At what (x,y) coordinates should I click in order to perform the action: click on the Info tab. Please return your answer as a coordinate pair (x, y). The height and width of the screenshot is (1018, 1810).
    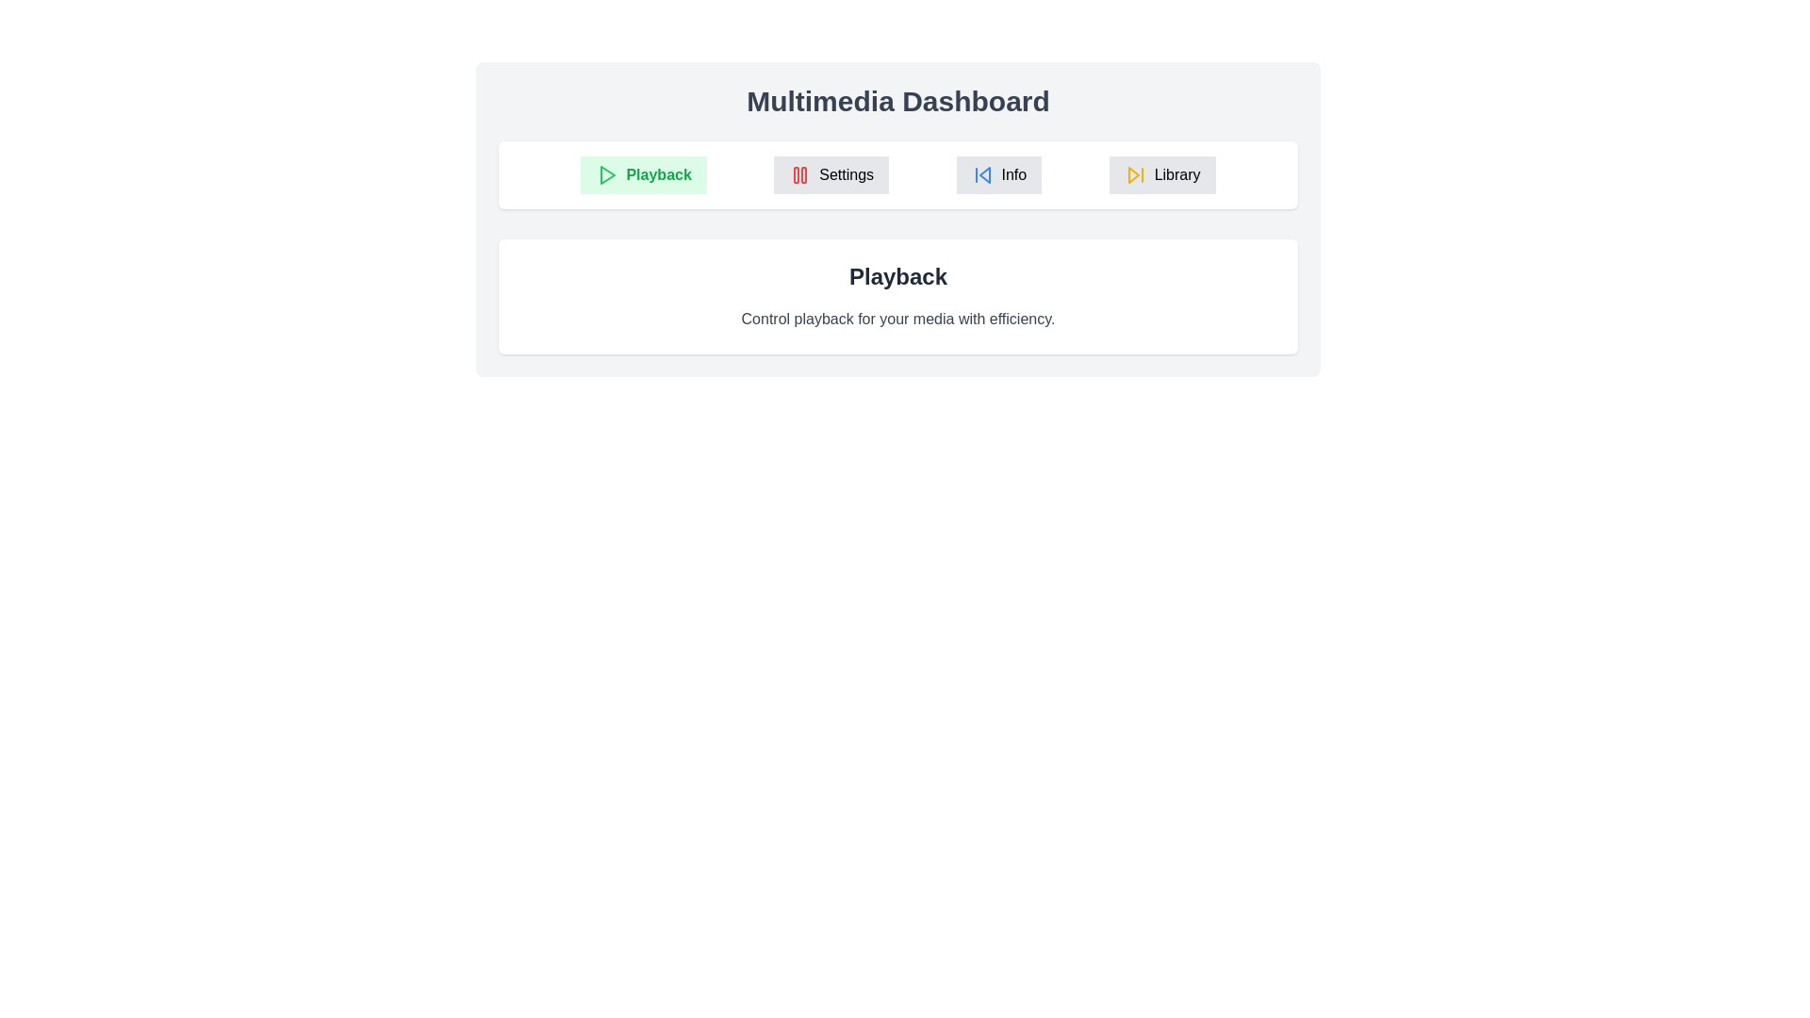
    Looking at the image, I should click on (997, 174).